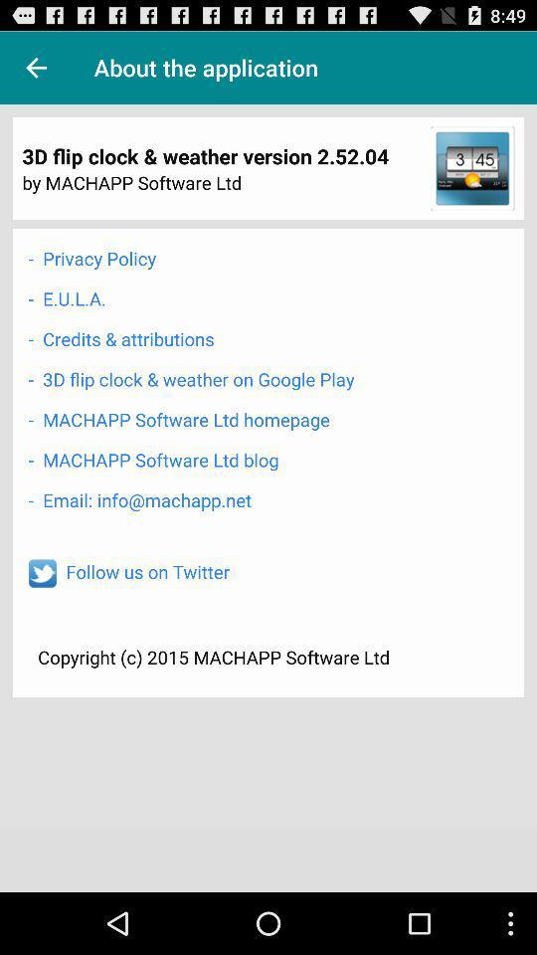  I want to click on the icon next to the follow us on, so click(42, 573).